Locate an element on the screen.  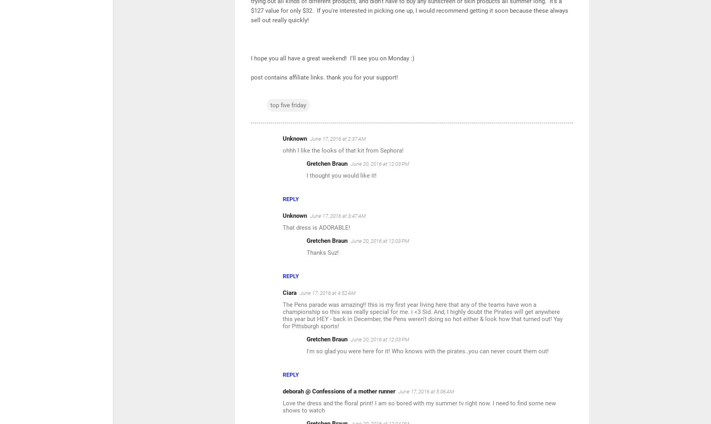
'June 17, 2016 at 4:52 AM' is located at coordinates (327, 292).